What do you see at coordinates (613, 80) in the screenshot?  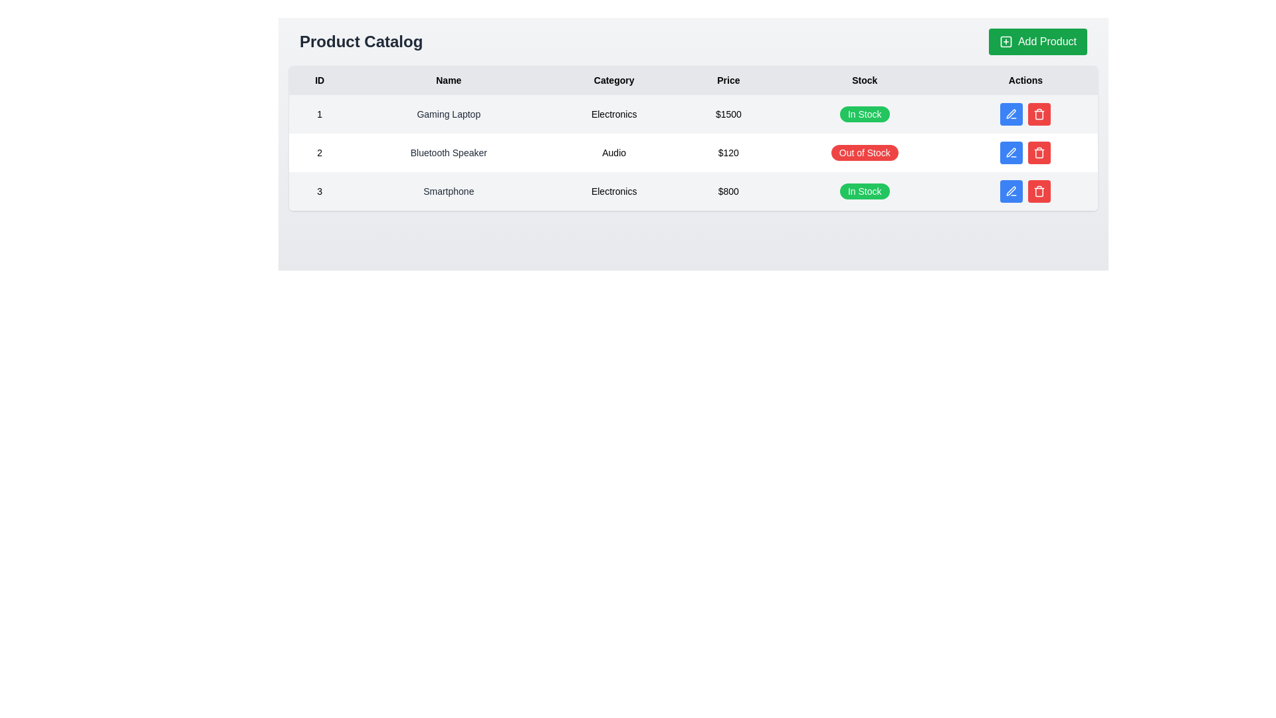 I see `the 'Category' column header in the table, which is centrally aligned and positioned between the 'Name' and 'Price' headers` at bounding box center [613, 80].